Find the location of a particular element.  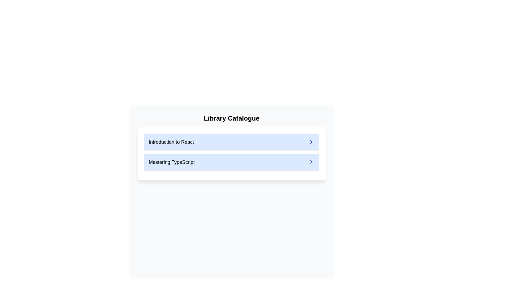

the textual label representing the title of an item or module related to learning about React is located at coordinates (171, 142).